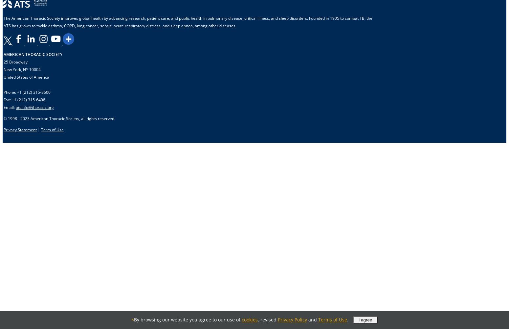 This screenshot has width=509, height=329. What do you see at coordinates (39, 130) in the screenshot?
I see `'|'` at bounding box center [39, 130].